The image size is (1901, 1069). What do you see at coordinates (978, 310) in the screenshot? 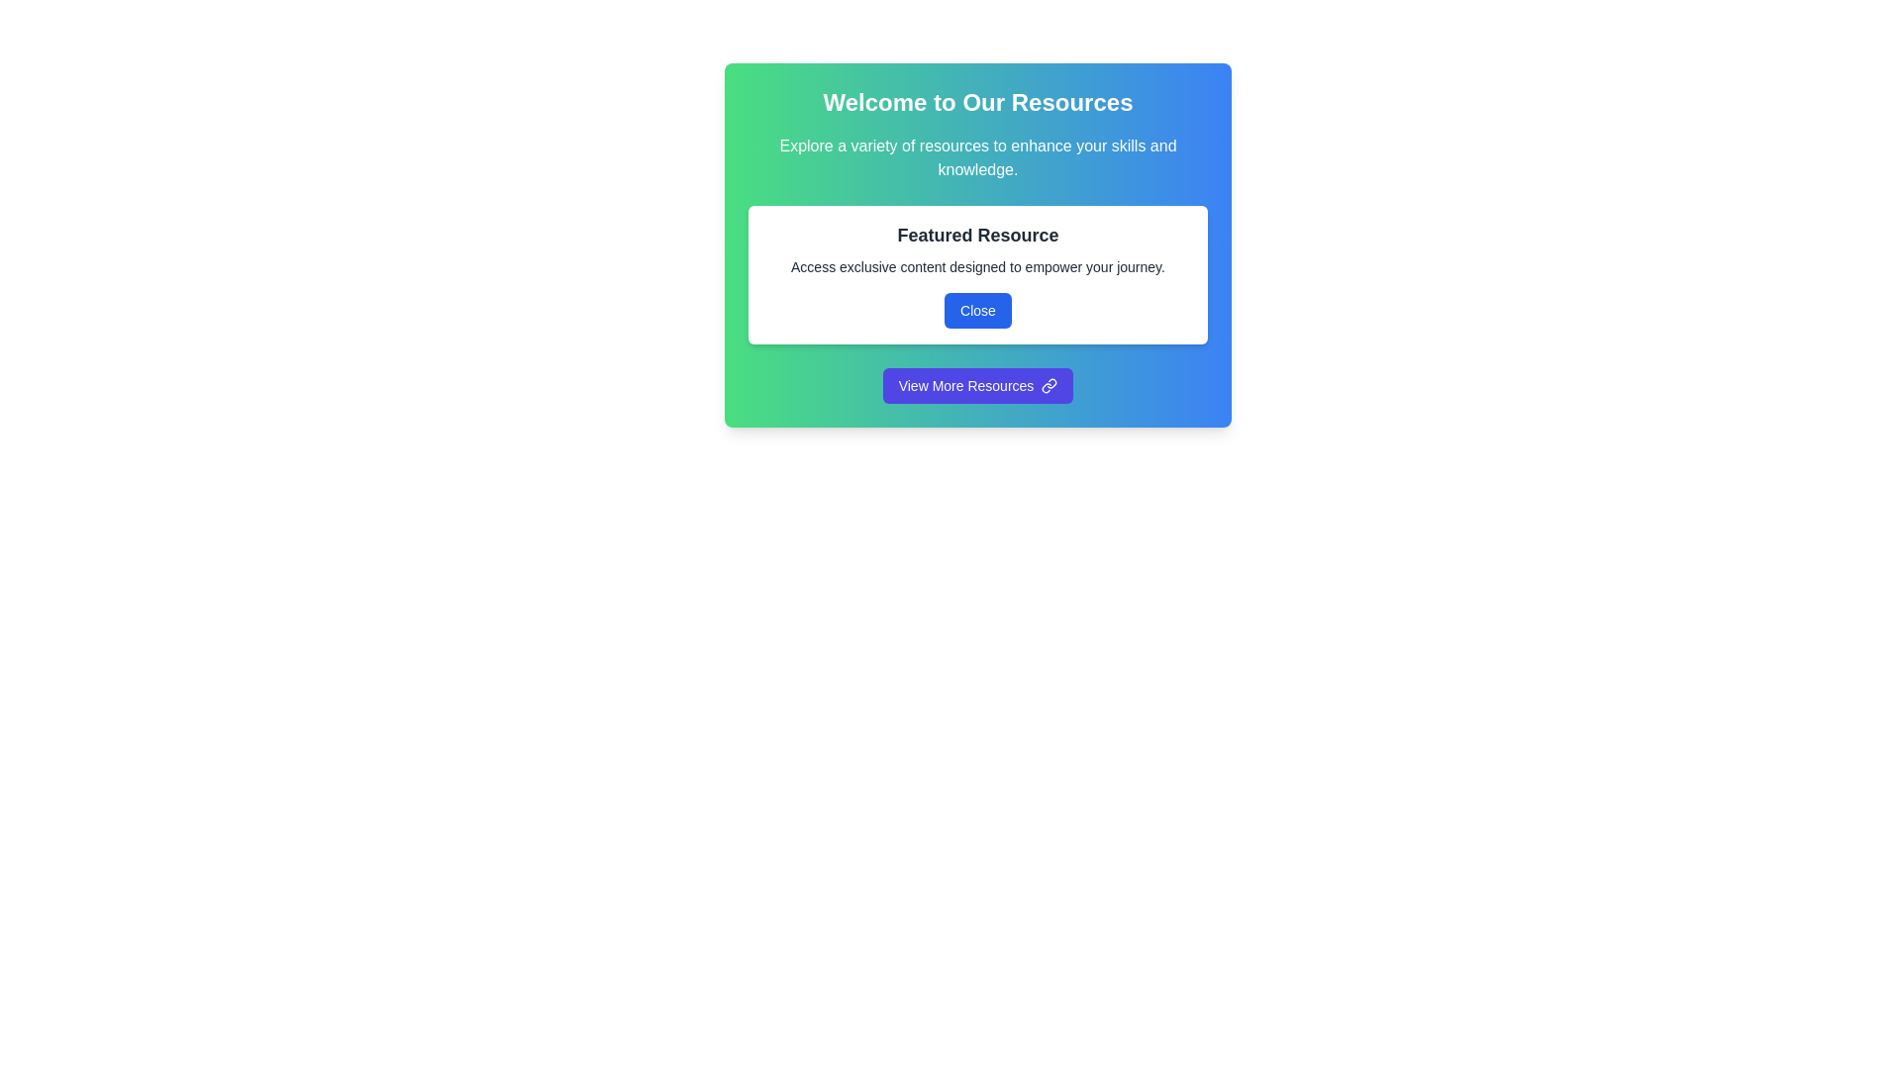
I see `the close button located within the 'Featured Resource' card, positioned near the bottom under the text 'Access exclusive content designed to empower your journey.'` at bounding box center [978, 310].